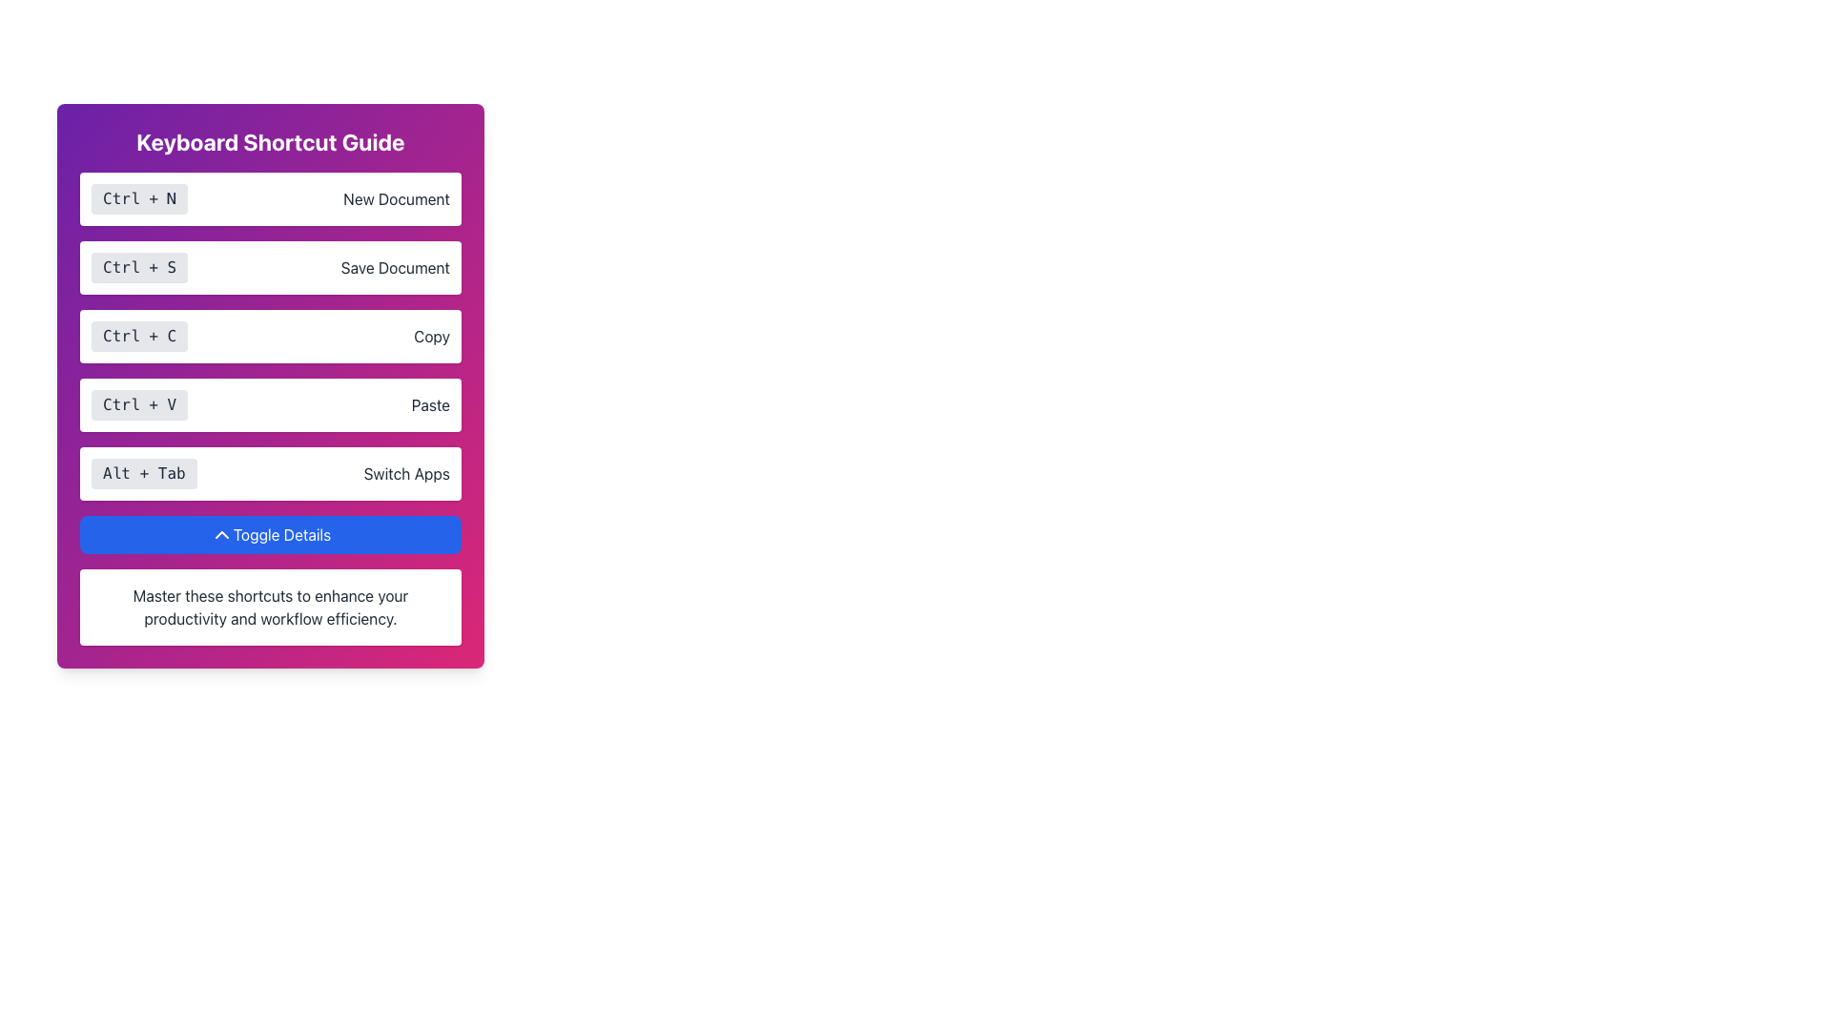 Image resolution: width=1831 pixels, height=1030 pixels. I want to click on the non-interactive styled text label displaying 'Ctrl + S', which is located within the 'Keyboard Shortcut Guide' panel, so click(138, 268).